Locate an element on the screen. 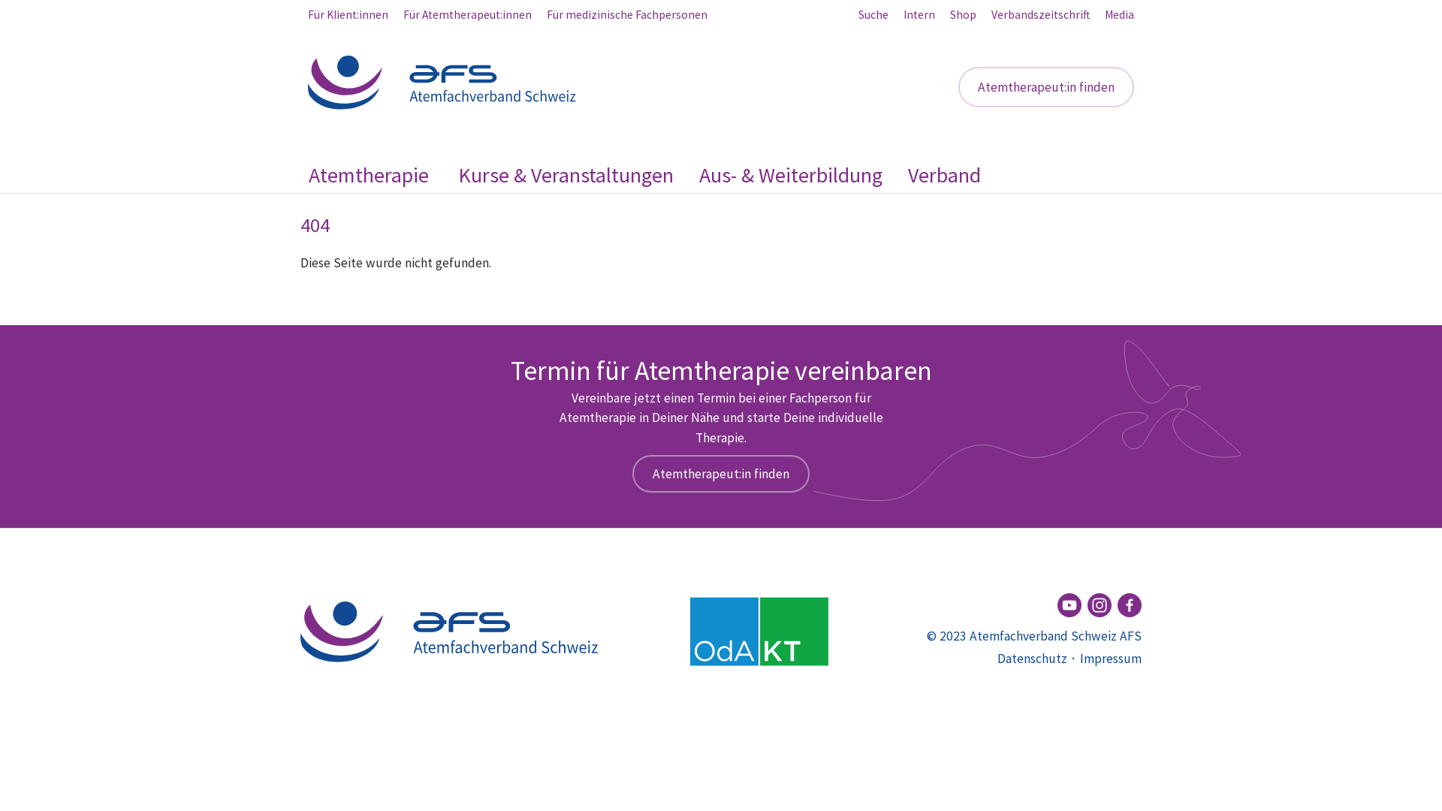 The height and width of the screenshot is (811, 1442). 'Intern' is located at coordinates (919, 14).